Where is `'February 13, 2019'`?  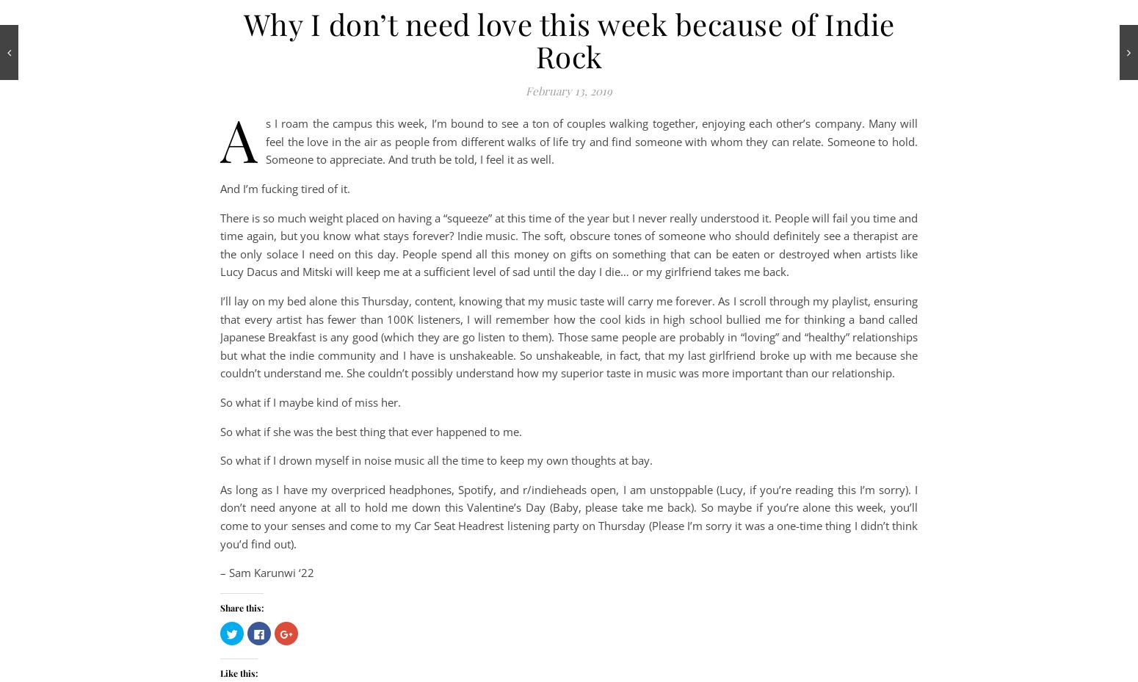
'February 13, 2019' is located at coordinates (569, 90).